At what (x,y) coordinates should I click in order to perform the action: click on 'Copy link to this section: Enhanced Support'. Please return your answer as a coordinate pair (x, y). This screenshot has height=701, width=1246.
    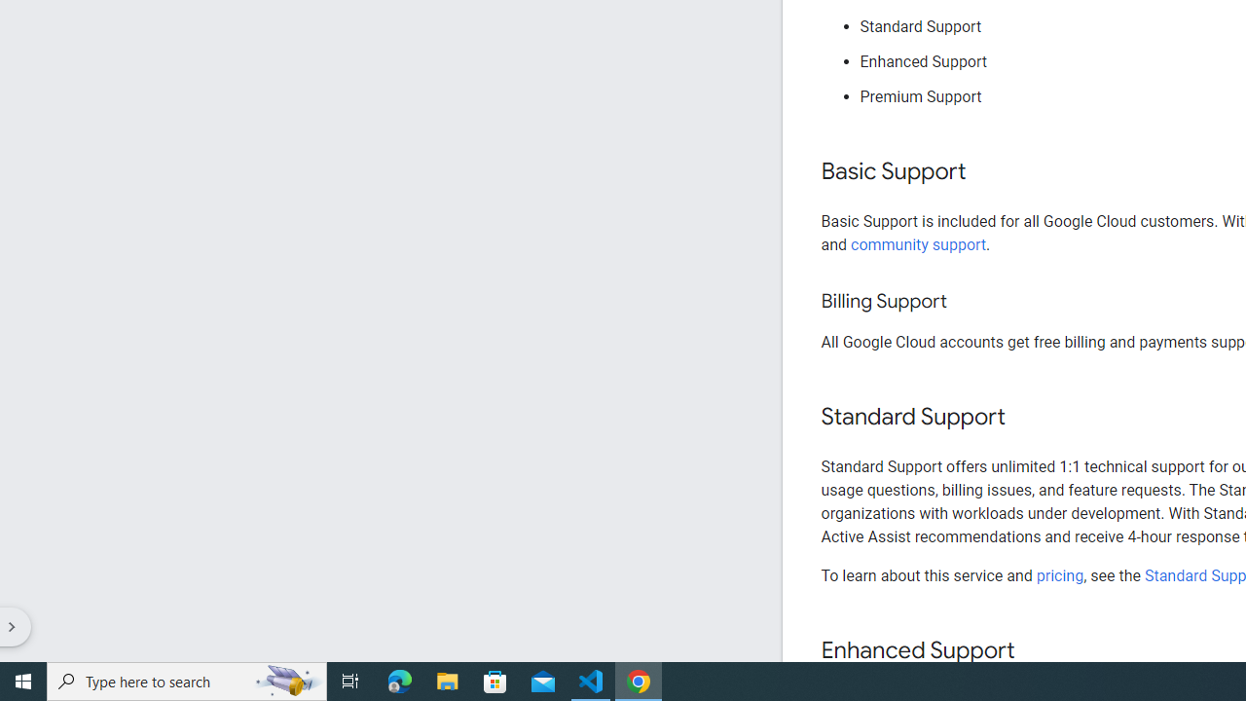
    Looking at the image, I should click on (1033, 651).